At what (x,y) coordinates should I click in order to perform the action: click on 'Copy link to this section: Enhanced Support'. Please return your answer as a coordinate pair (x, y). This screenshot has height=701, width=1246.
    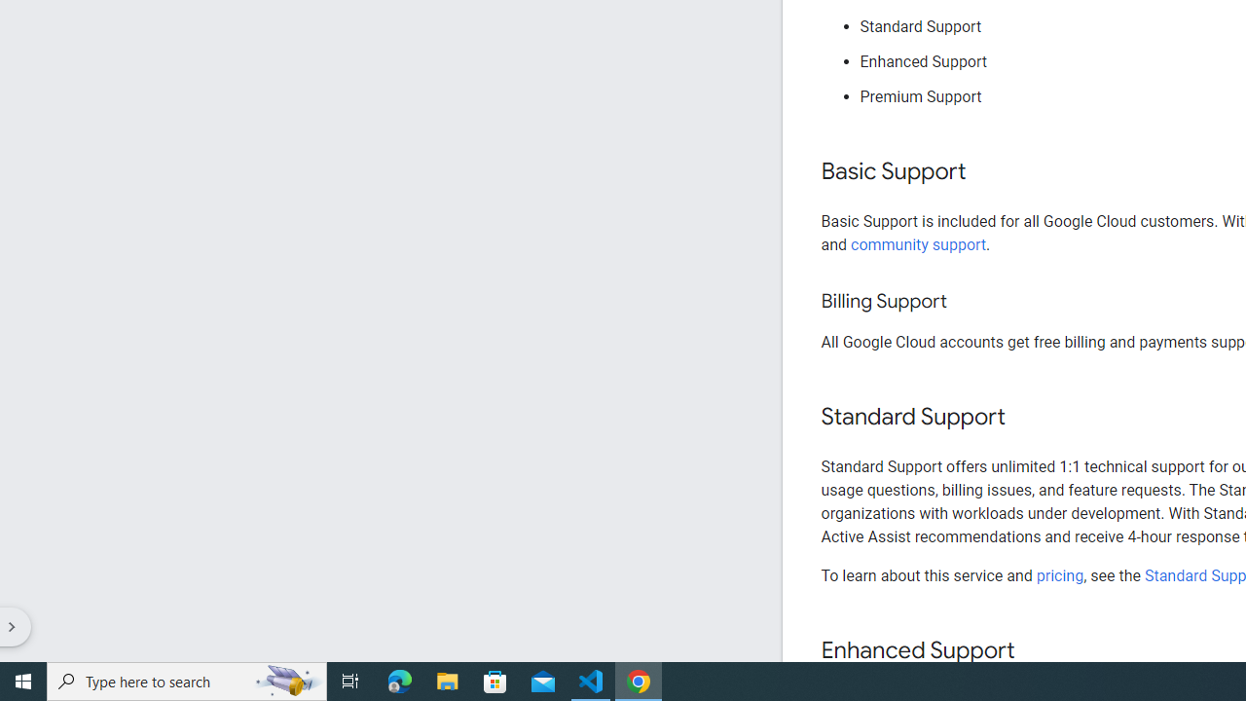
    Looking at the image, I should click on (1033, 651).